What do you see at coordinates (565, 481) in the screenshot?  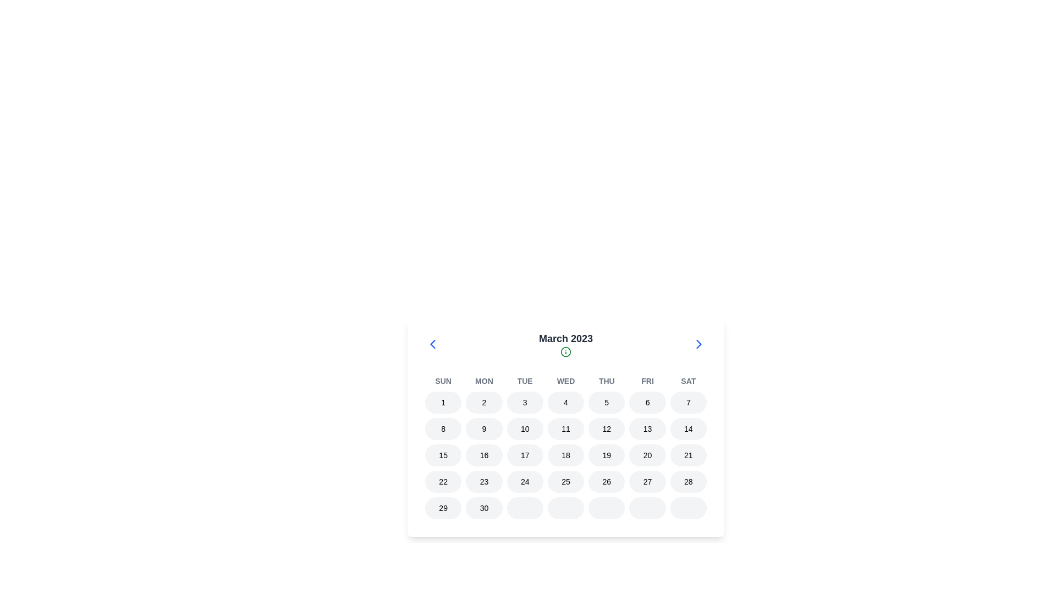 I see `the button representing the date '25' in the calendar interface` at bounding box center [565, 481].